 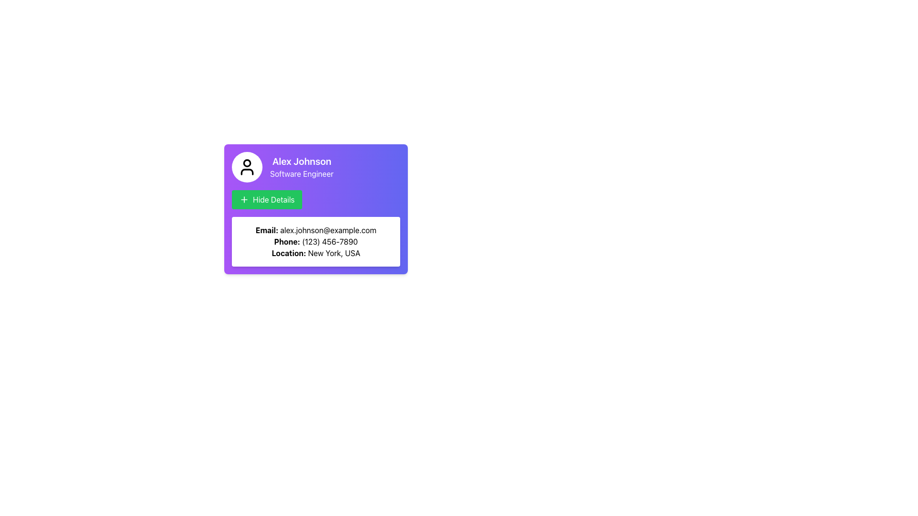 What do you see at coordinates (267, 230) in the screenshot?
I see `the text label that reads 'Email:' which is bold and positioned above the email address 'alex.johnson@example.com' in the user details panel` at bounding box center [267, 230].